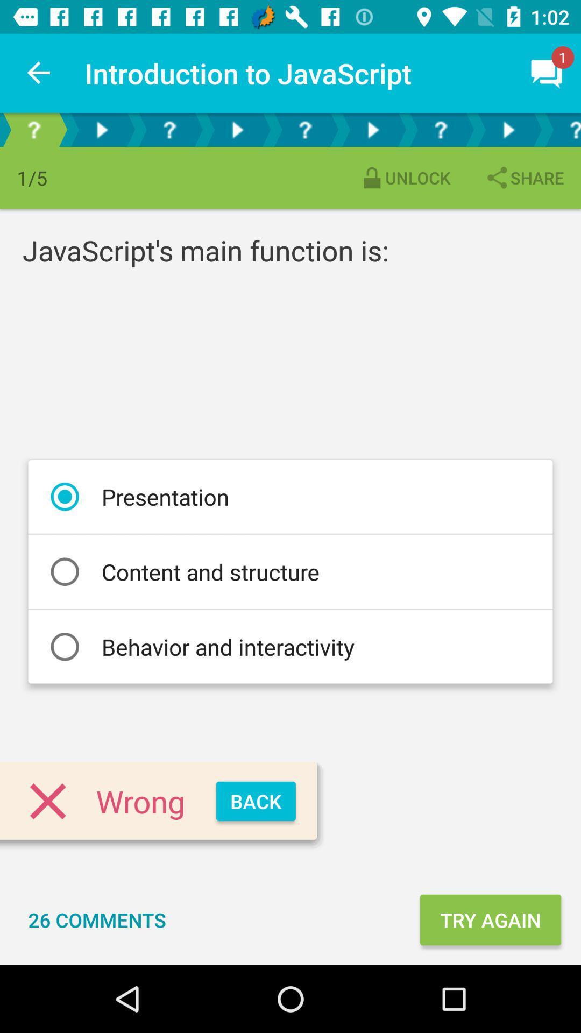  What do you see at coordinates (305, 129) in the screenshot?
I see `the help icon` at bounding box center [305, 129].